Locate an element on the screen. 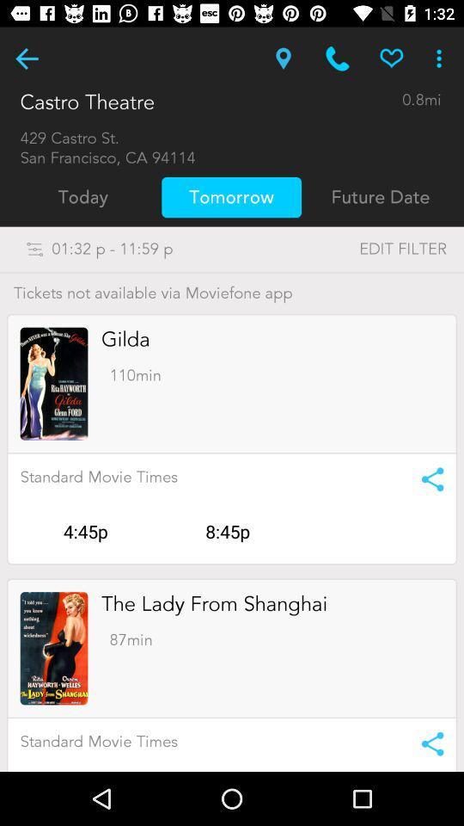 The width and height of the screenshot is (464, 826). the item above the 87min icon is located at coordinates (214, 604).